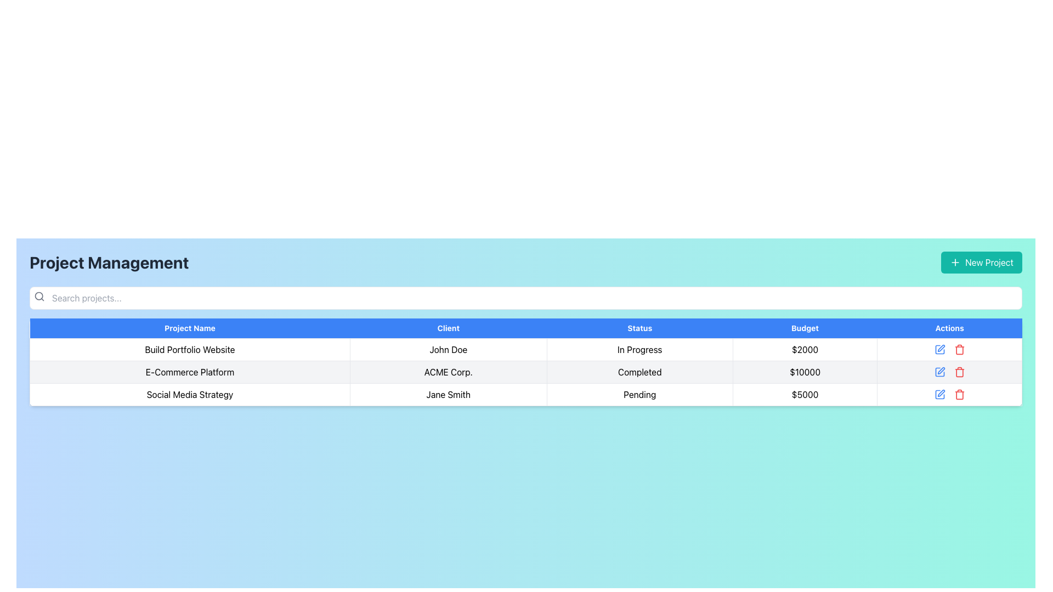 The image size is (1053, 592). What do you see at coordinates (190, 371) in the screenshot?
I see `the text label identifying the 'E-Commerce Platform' project located in the second row and first column of the table` at bounding box center [190, 371].